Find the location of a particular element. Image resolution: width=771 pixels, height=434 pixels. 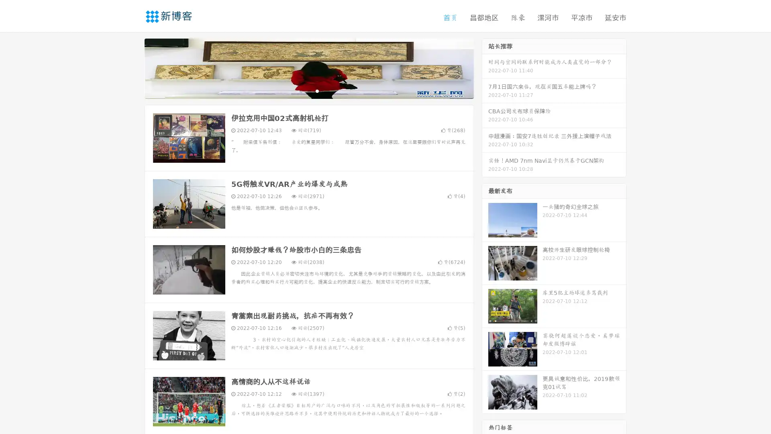

Go to slide 2 is located at coordinates (308, 90).